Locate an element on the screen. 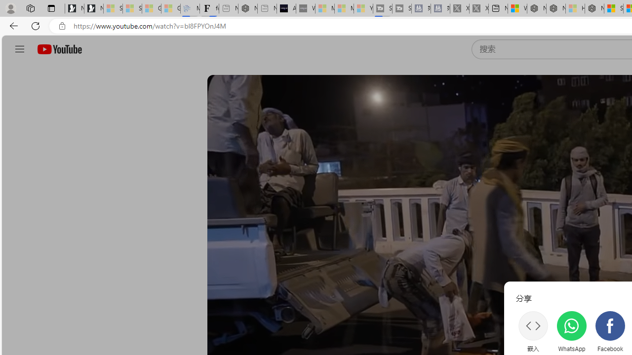  'What' is located at coordinates (305, 8).